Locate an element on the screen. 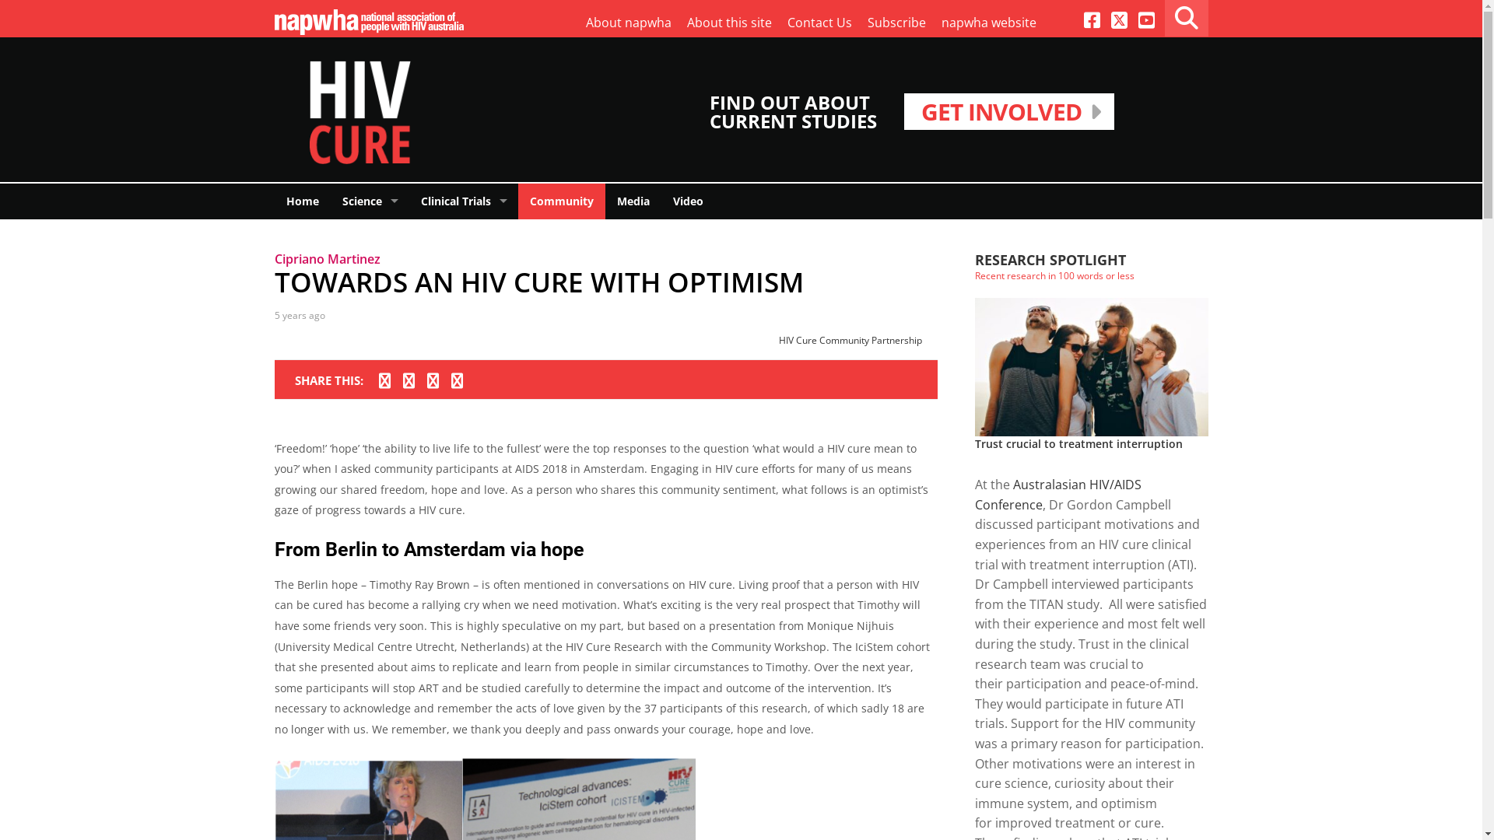 This screenshot has height=840, width=1494. 'Video' is located at coordinates (687, 200).